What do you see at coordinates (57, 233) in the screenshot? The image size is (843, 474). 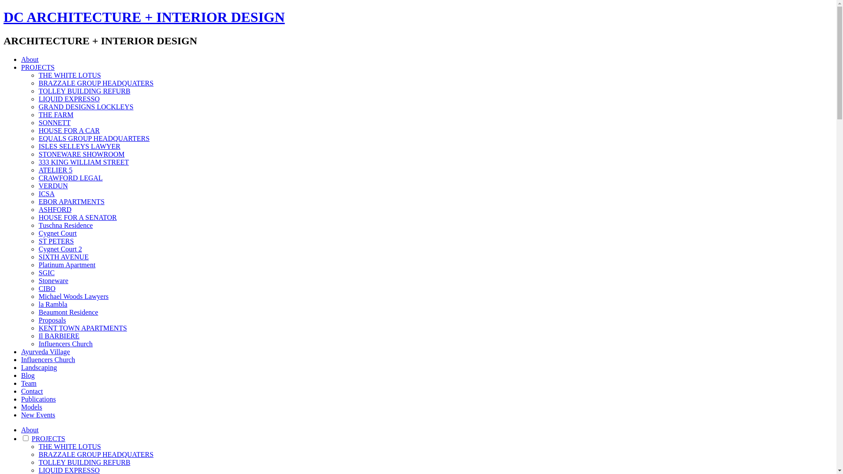 I see `'Cygnet Court'` at bounding box center [57, 233].